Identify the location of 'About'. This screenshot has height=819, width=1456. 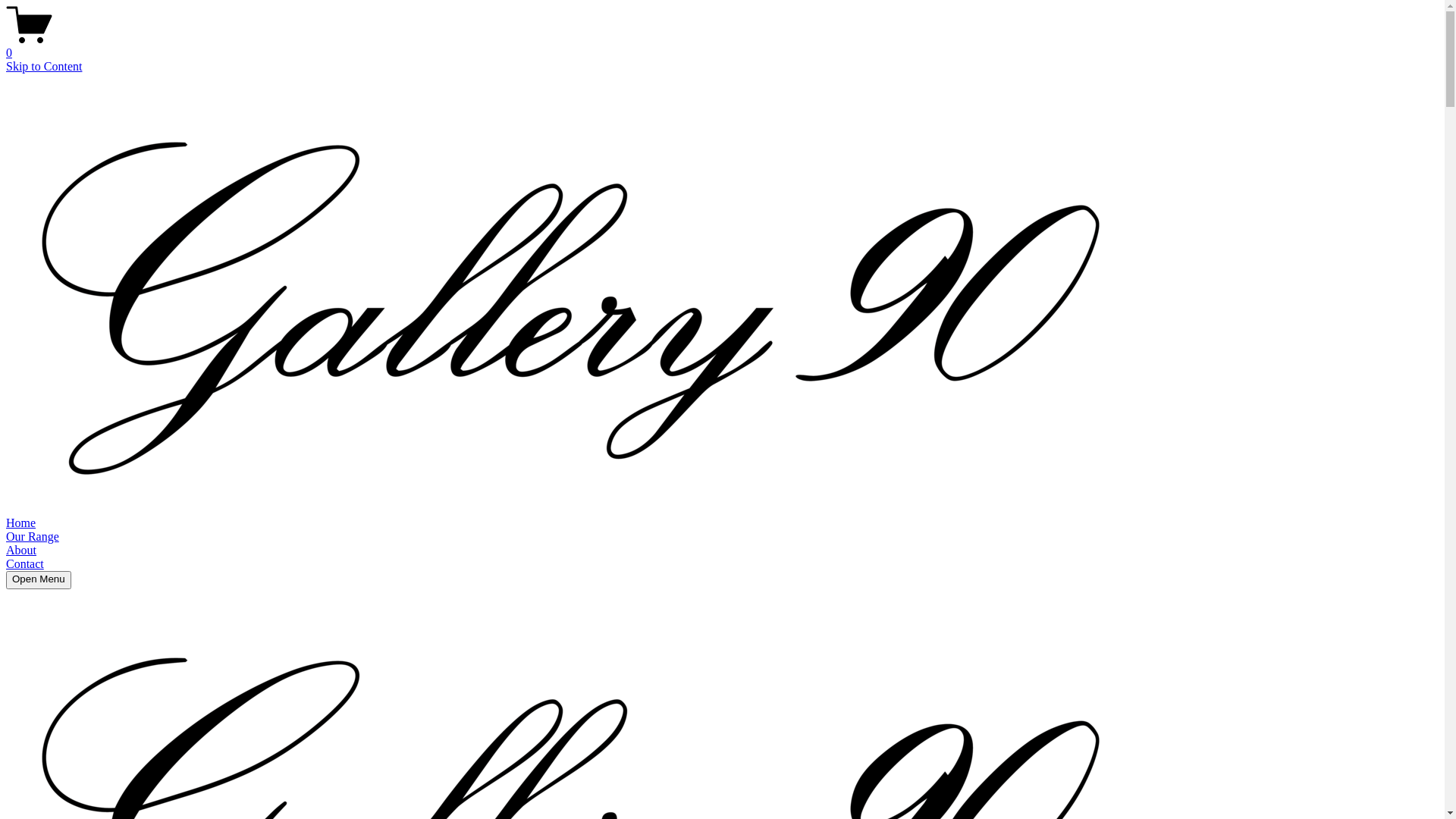
(21, 550).